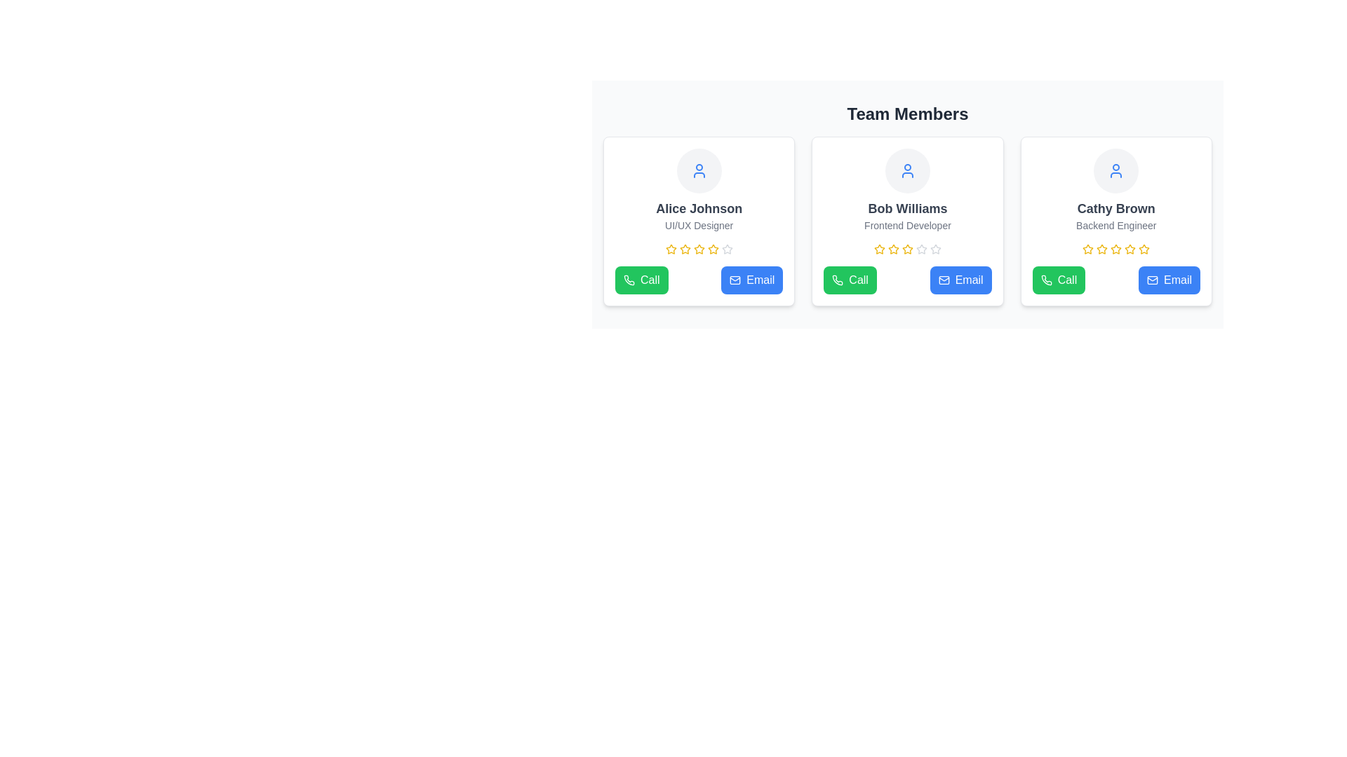  Describe the element at coordinates (1115, 248) in the screenshot. I see `the rating display component consisting of five yellow star icons located below the 'Backend Engineer' label in the profile card of 'Cathy Brown'` at that location.